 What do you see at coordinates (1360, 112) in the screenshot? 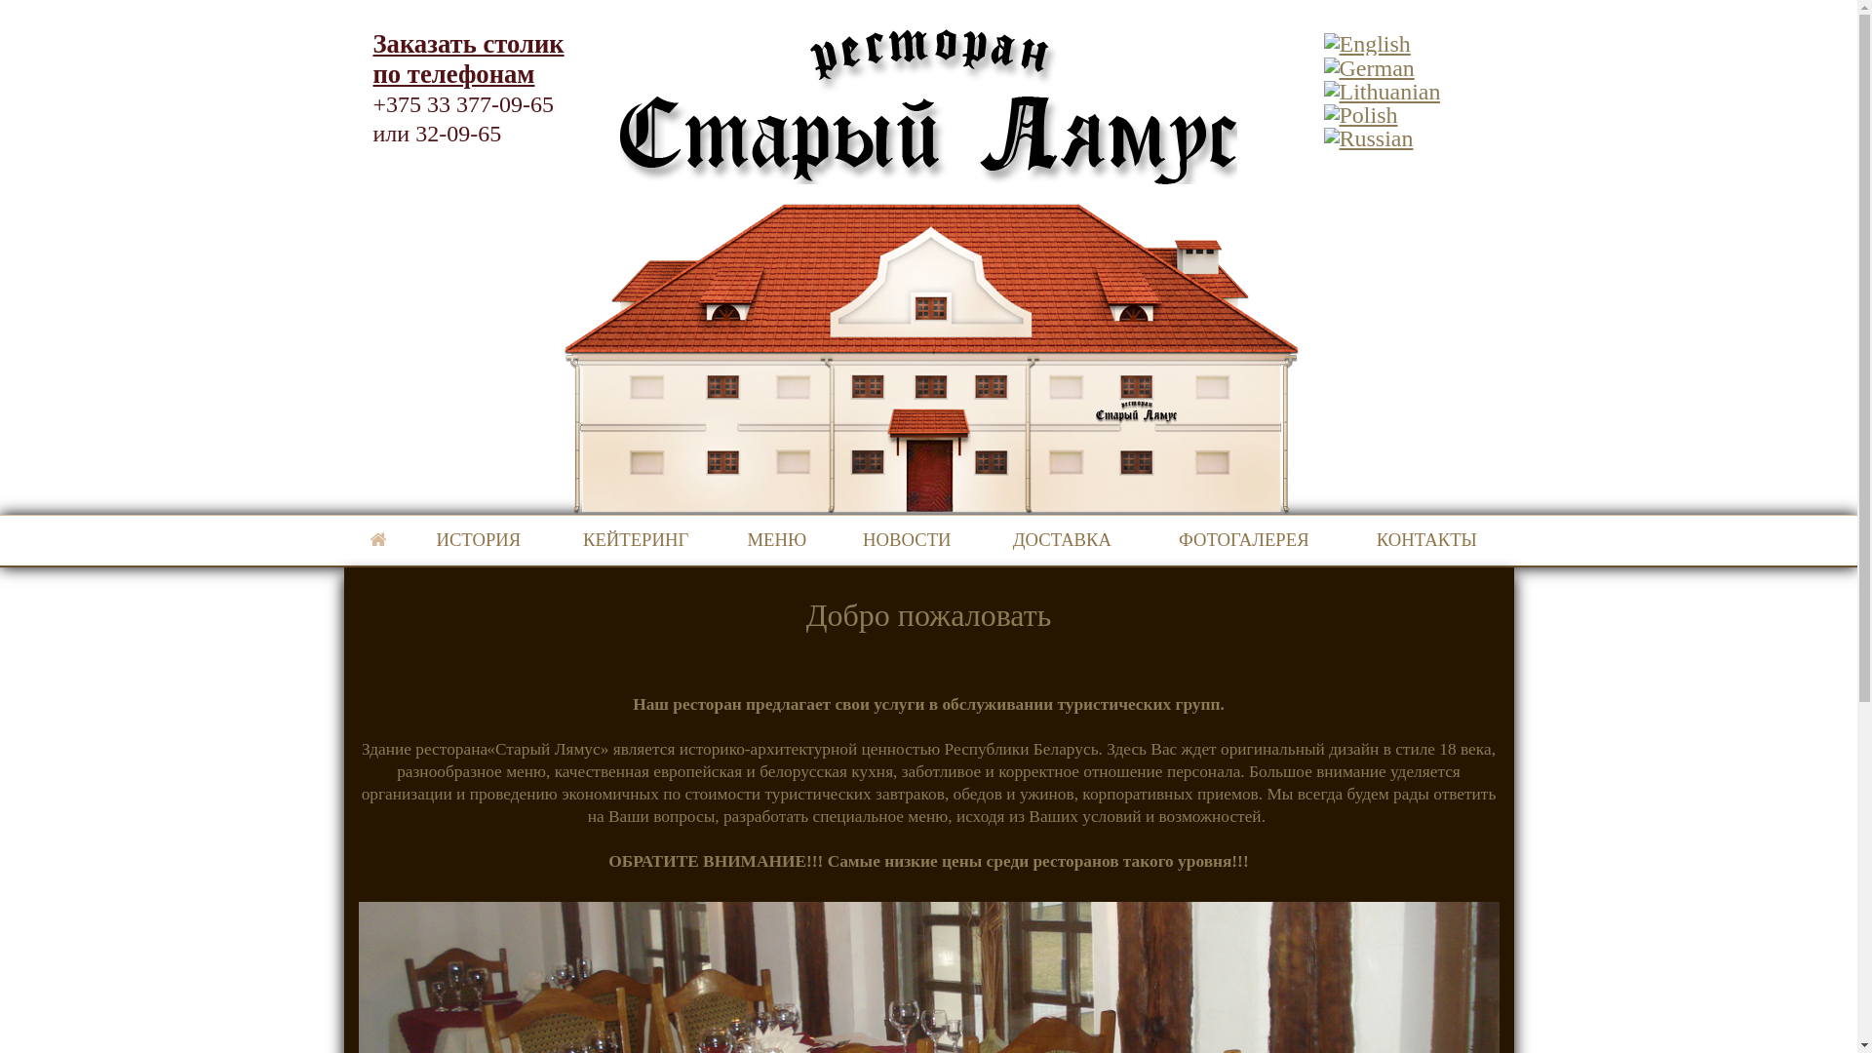
I see `'Polish'` at bounding box center [1360, 112].